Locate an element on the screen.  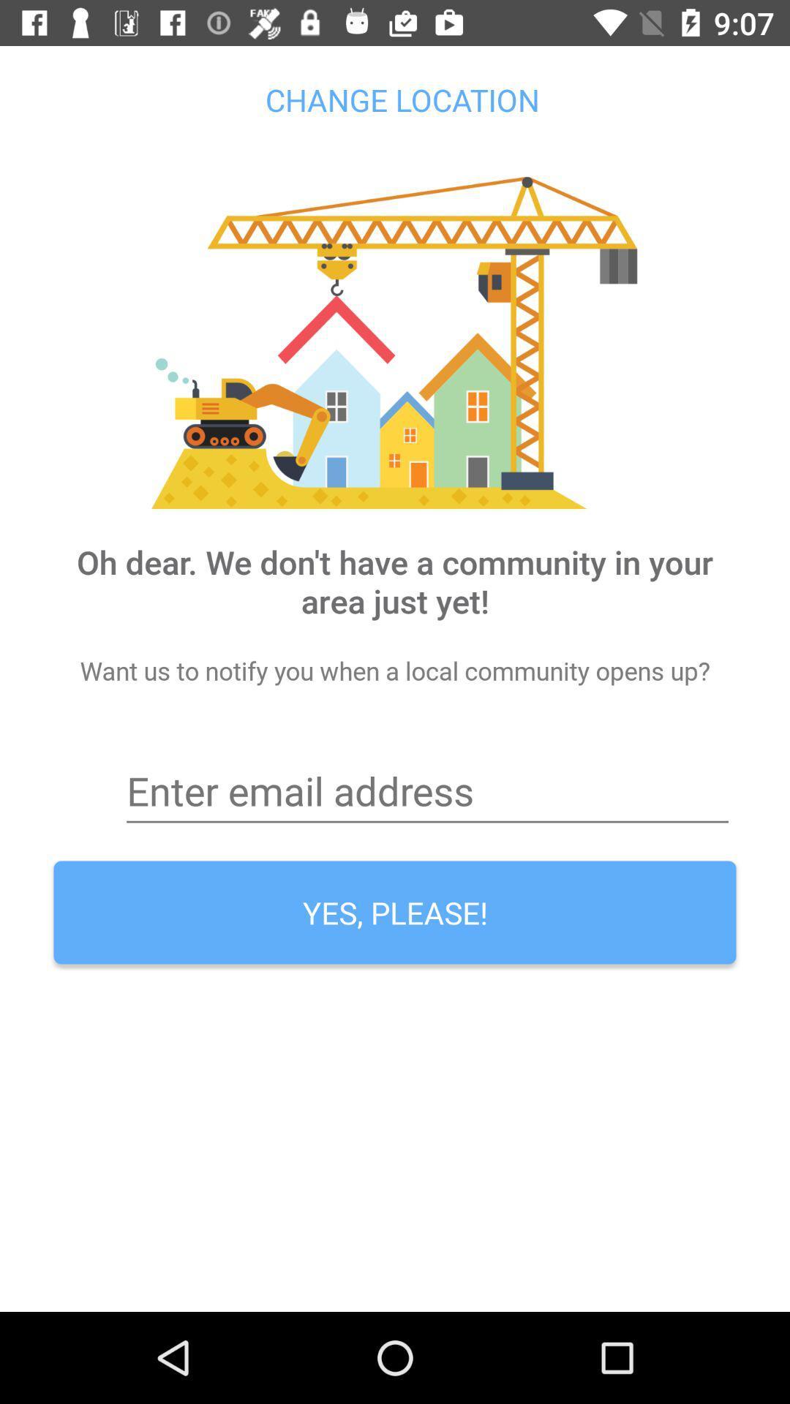
the change location is located at coordinates (395, 99).